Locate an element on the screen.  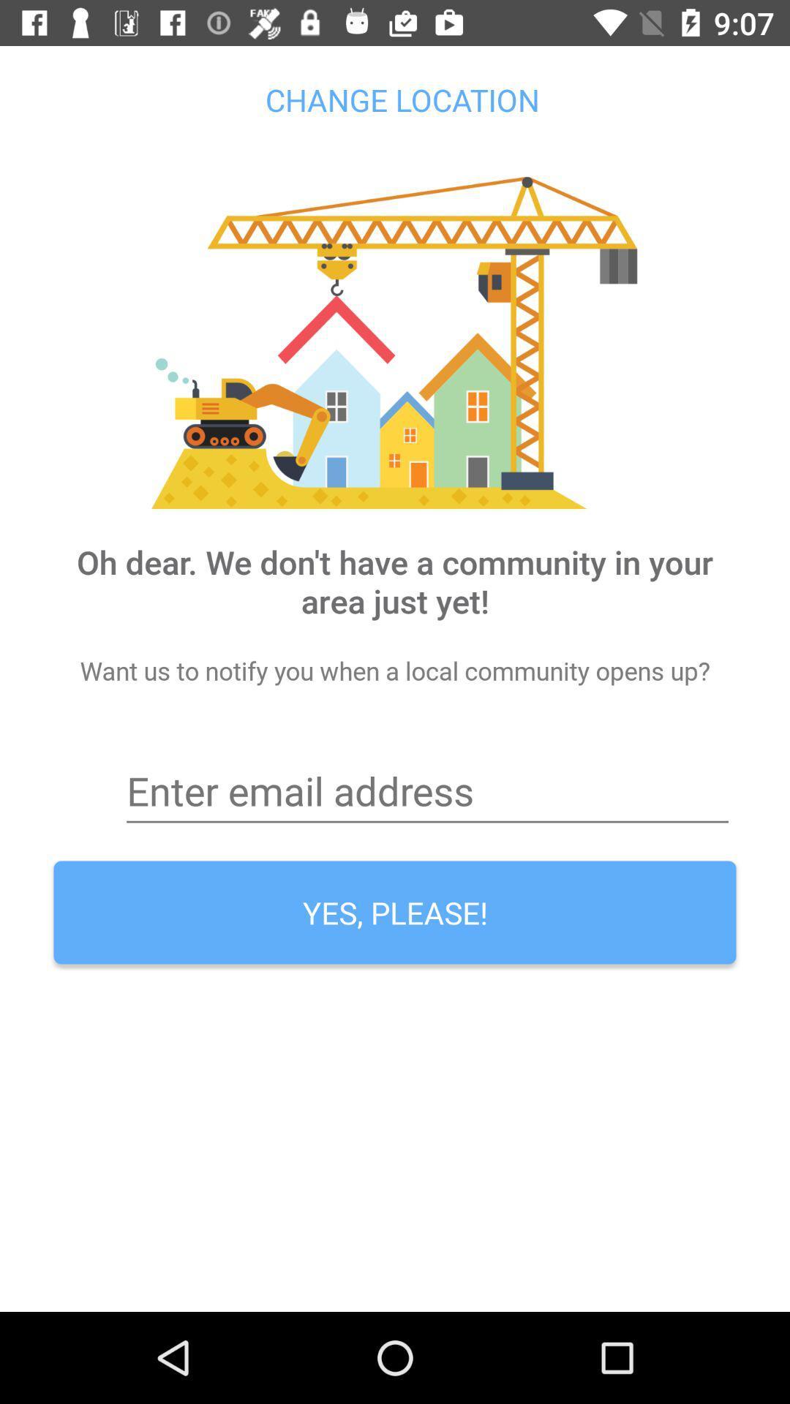
the change location is located at coordinates (395, 99).